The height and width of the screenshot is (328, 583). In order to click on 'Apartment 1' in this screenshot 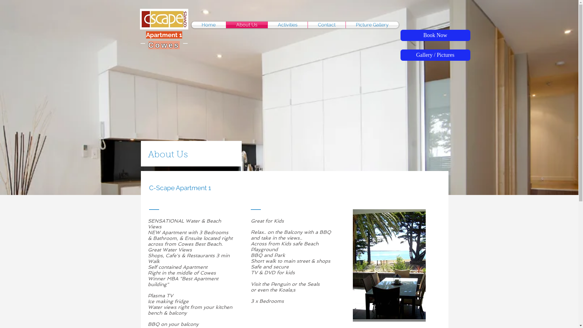, I will do `click(164, 35)`.